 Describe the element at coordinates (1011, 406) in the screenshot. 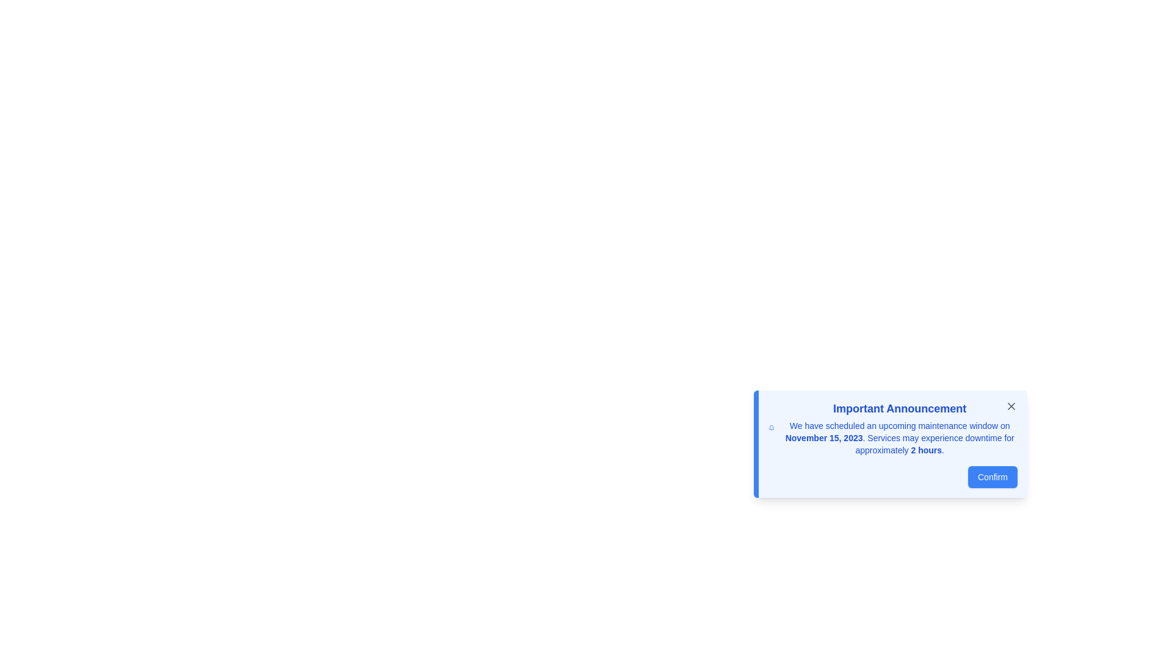

I see `the circular button with an 'X' icon in the center located in the top-right corner of the notification dialog box` at that location.